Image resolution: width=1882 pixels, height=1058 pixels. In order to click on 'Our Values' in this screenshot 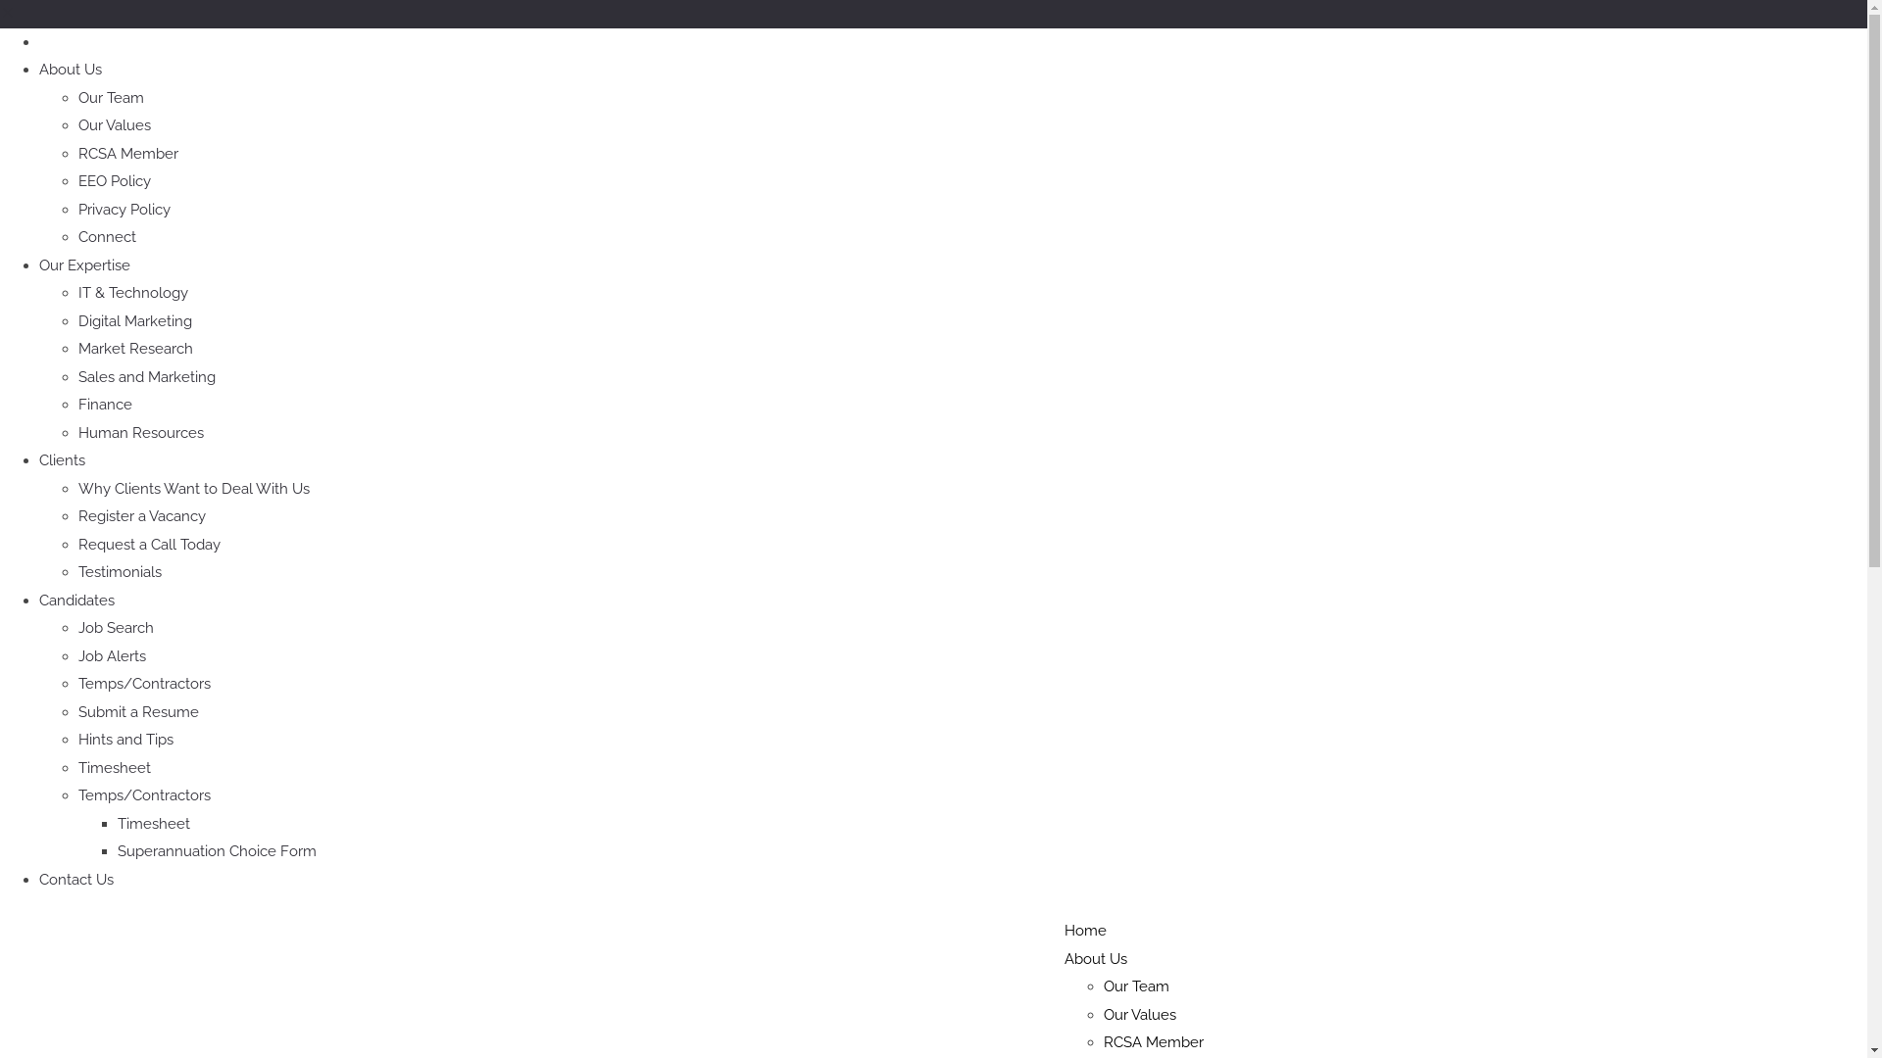, I will do `click(1139, 1013)`.